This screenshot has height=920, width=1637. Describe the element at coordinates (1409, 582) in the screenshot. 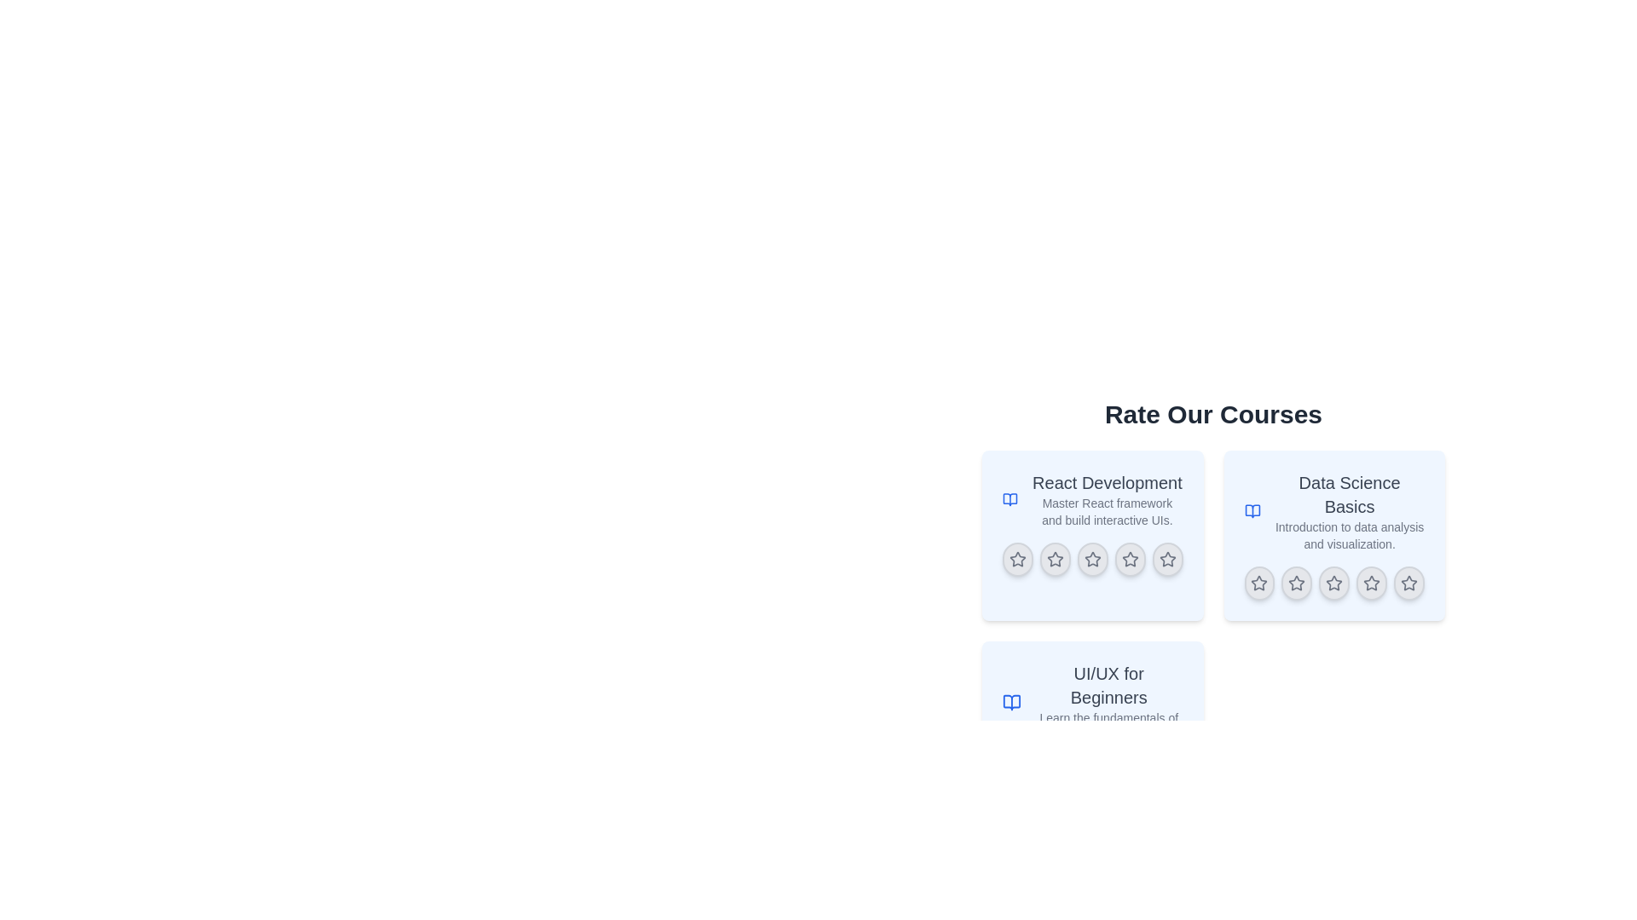

I see `the fifth star icon in the 'Rate Our Courses' interface for 'Data Science Basics'` at that location.